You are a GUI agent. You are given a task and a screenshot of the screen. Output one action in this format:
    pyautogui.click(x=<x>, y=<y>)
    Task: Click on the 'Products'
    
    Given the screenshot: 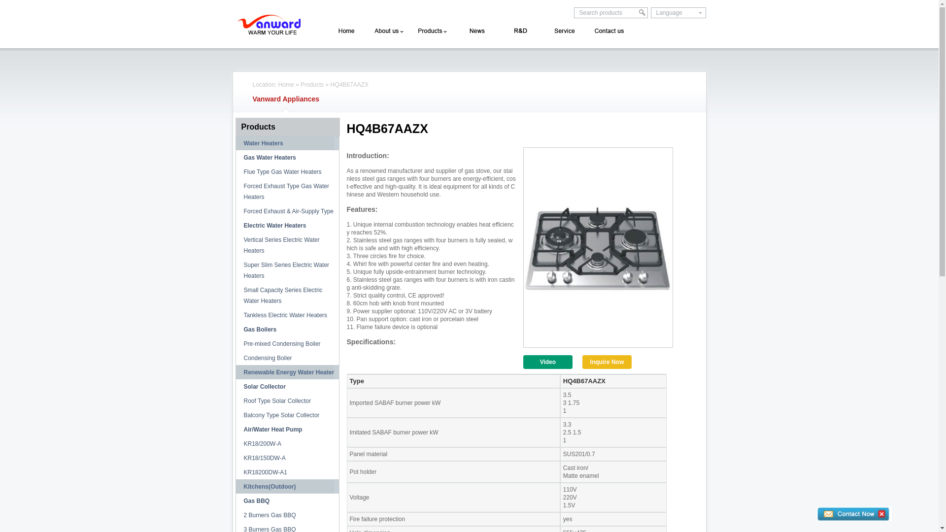 What is the action you would take?
    pyautogui.click(x=311, y=84)
    